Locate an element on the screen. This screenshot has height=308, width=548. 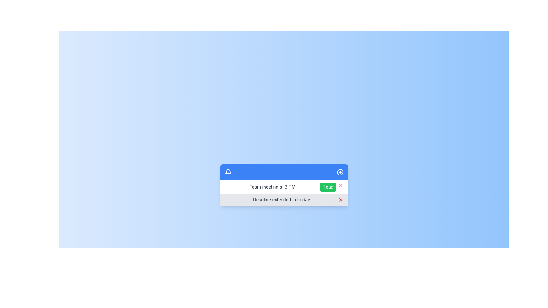
the small red cross icon located at the right-hand side of the second row of notifications is located at coordinates (341, 200).